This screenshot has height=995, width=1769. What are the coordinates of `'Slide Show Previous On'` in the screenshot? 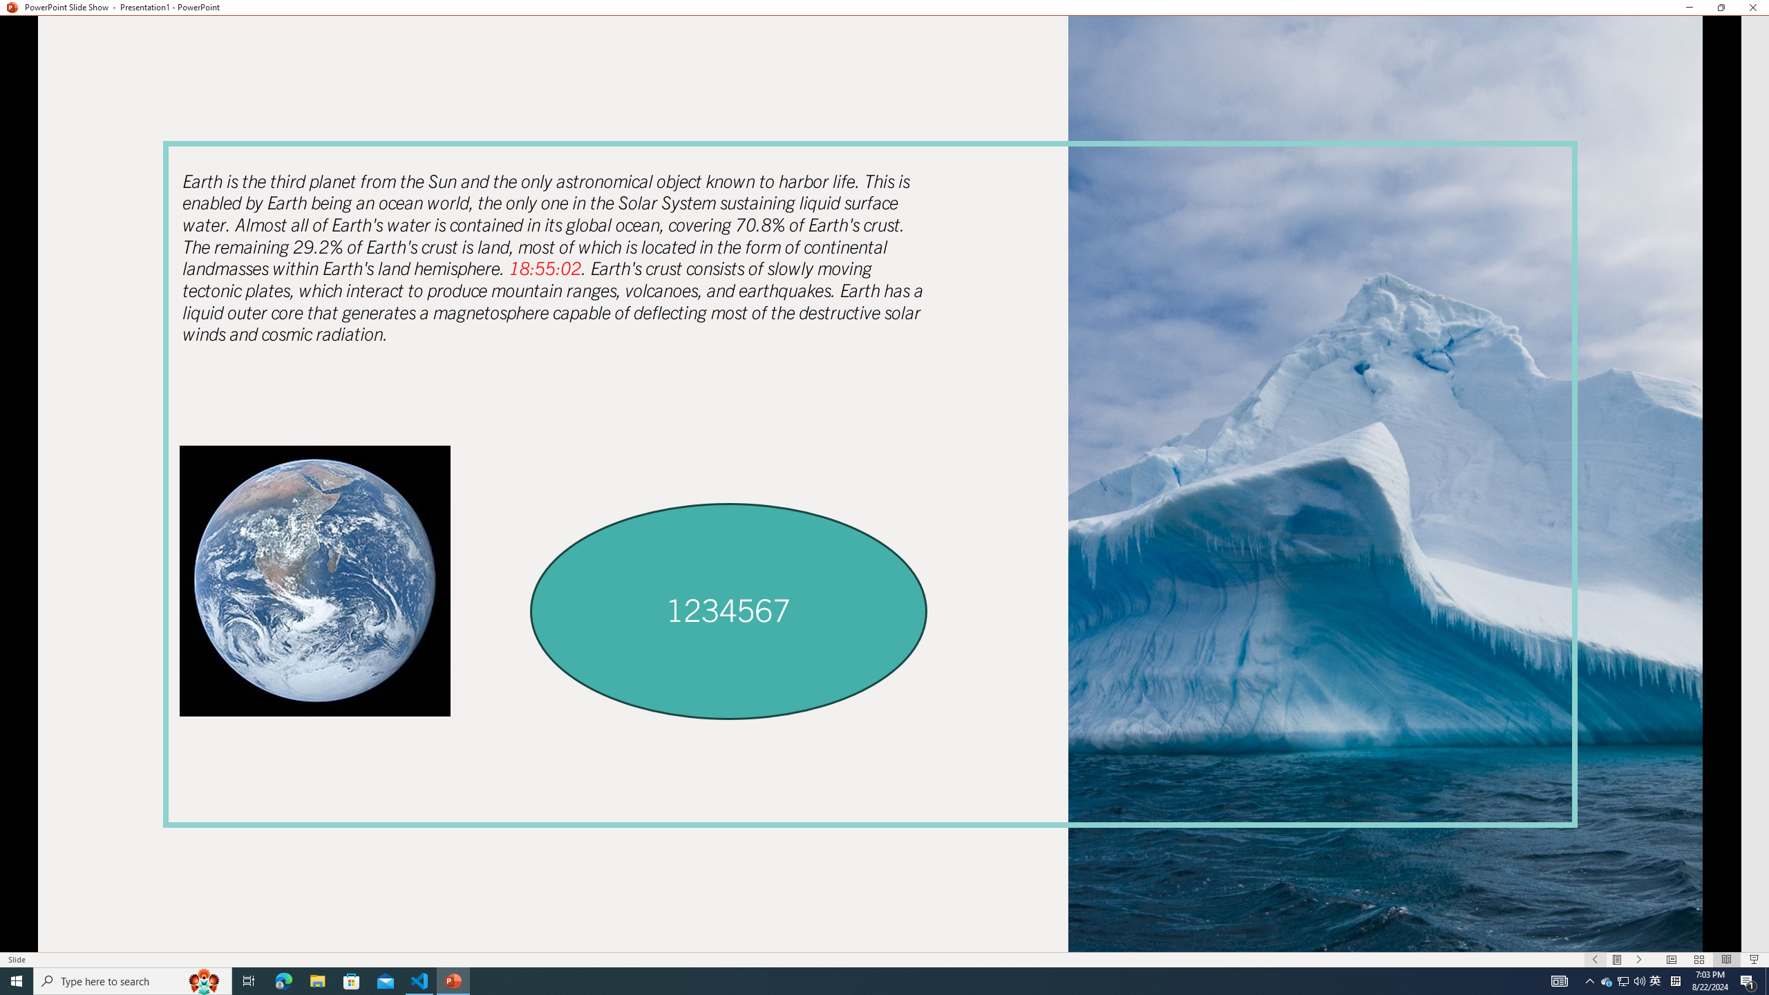 It's located at (1595, 960).